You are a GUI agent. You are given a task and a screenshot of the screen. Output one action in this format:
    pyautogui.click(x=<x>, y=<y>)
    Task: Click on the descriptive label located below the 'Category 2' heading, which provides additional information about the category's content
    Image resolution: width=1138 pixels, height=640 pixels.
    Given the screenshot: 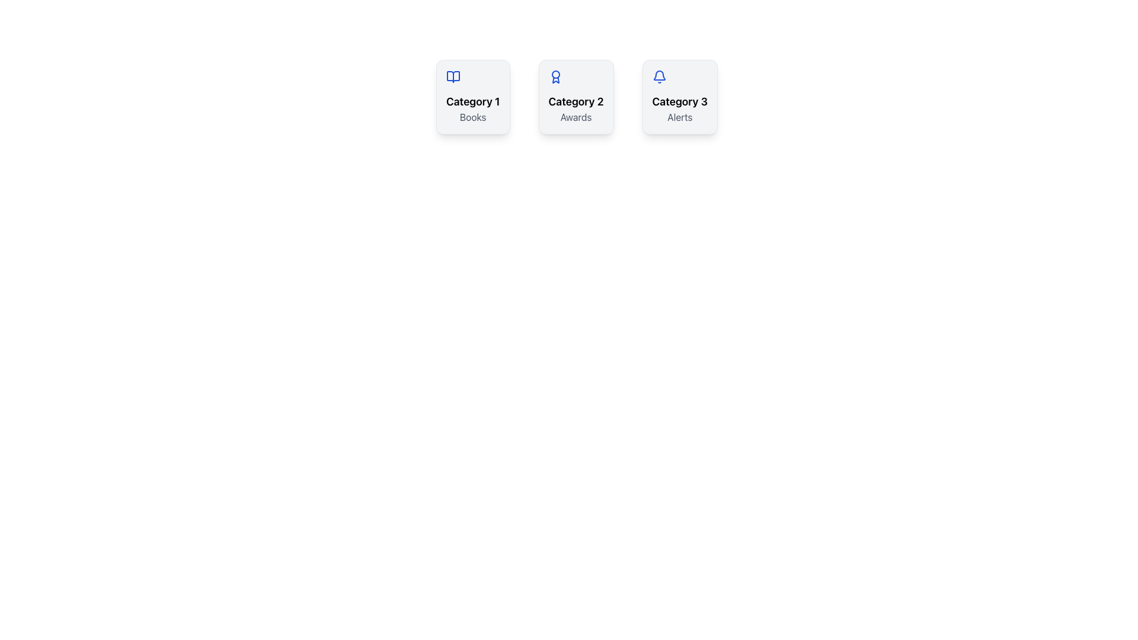 What is the action you would take?
    pyautogui.click(x=576, y=117)
    